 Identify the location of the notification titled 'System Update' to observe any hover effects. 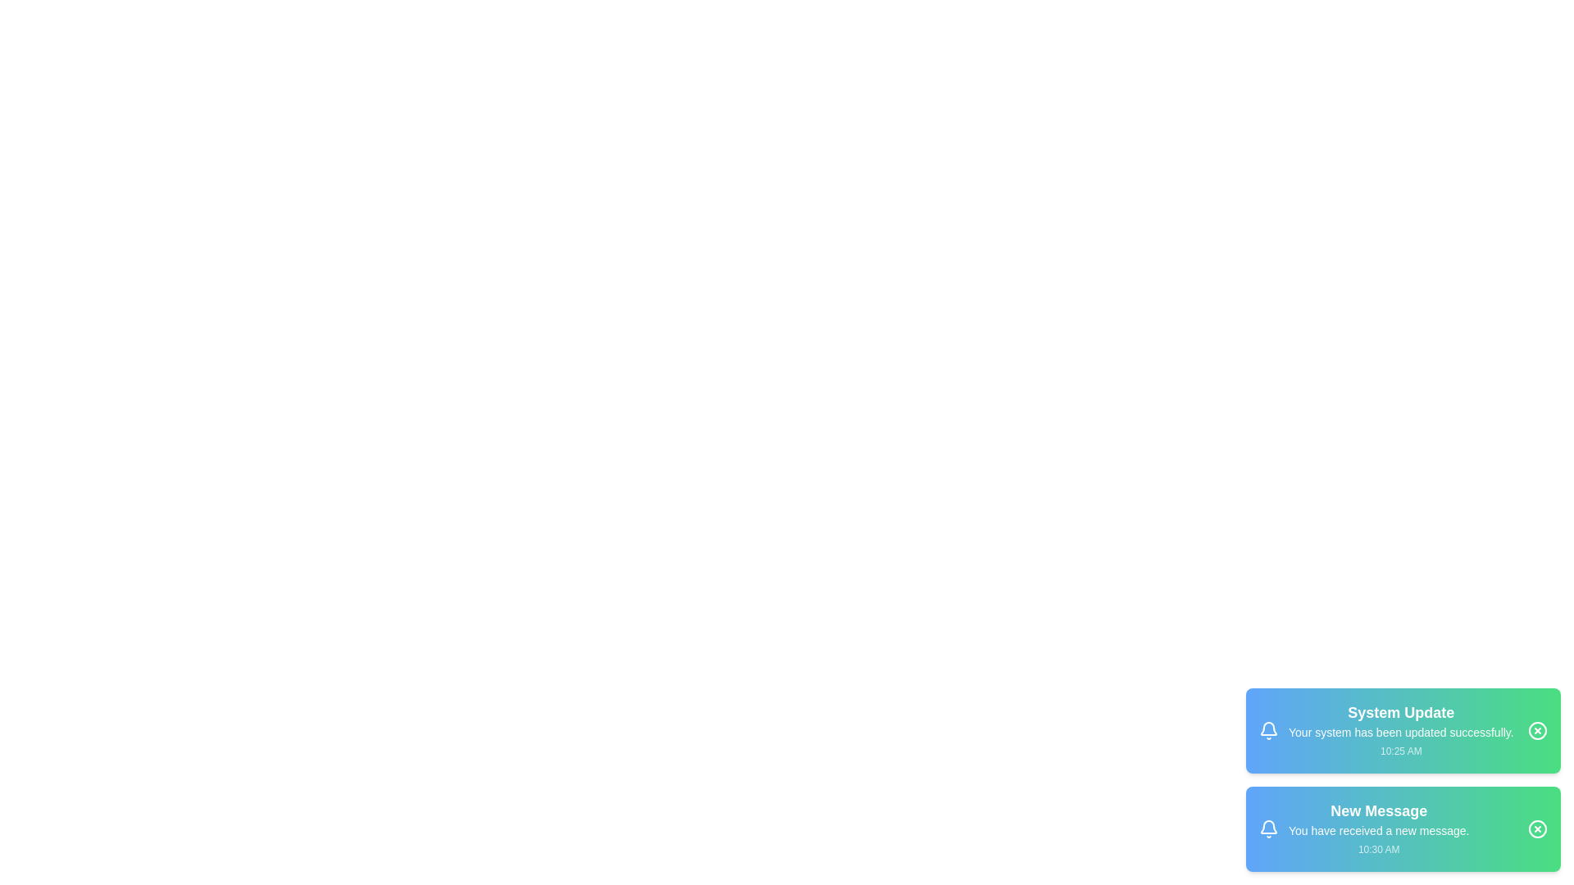
(1403, 729).